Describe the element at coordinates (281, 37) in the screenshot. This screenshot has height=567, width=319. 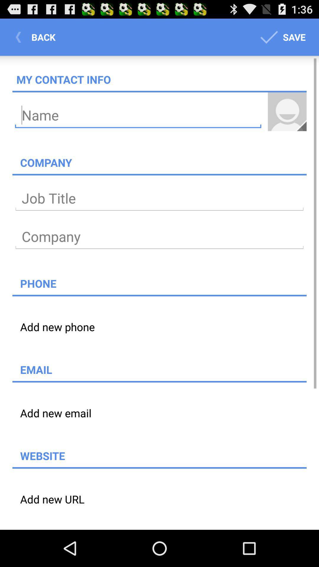
I see `the button next to back` at that location.